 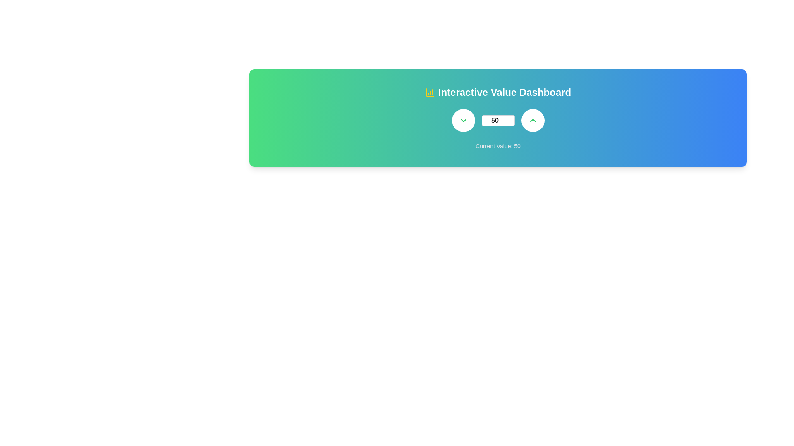 What do you see at coordinates (497, 92) in the screenshot?
I see `heading/title with the text 'Interactive Value Dashboard' and its accompanying chart icon, located at the top of the component with a gradient background` at bounding box center [497, 92].